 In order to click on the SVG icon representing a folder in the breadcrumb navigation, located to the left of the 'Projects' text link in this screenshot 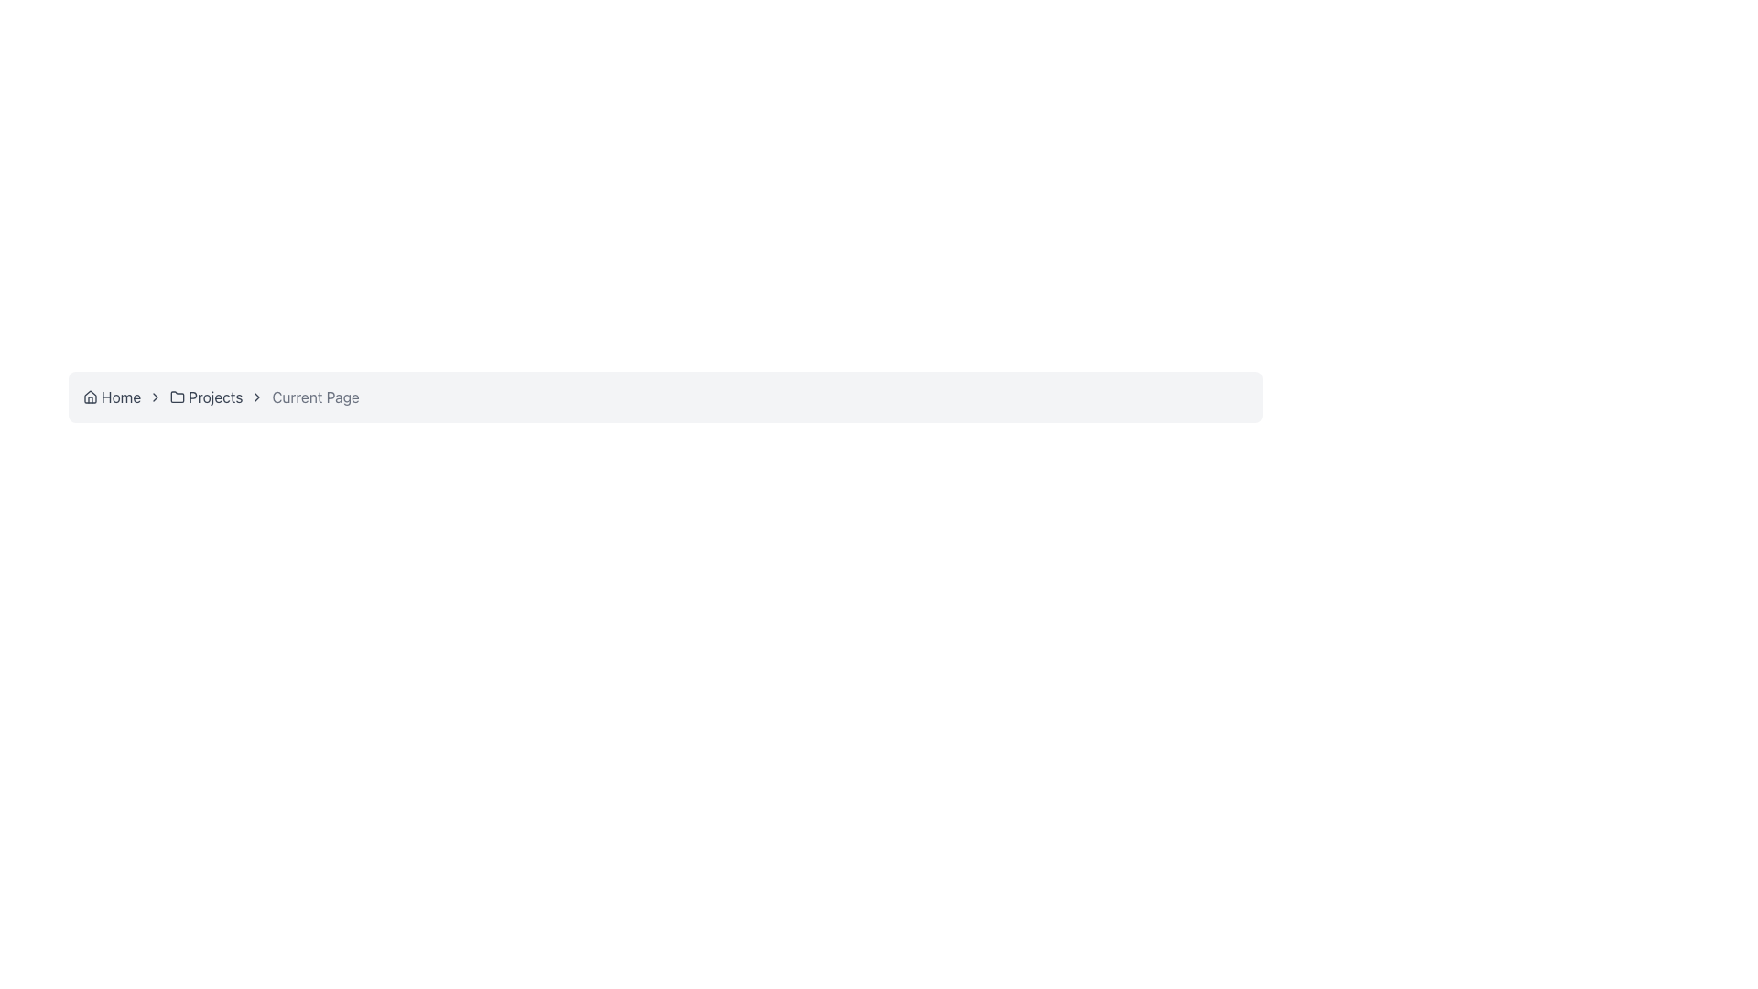, I will do `click(178, 397)`.